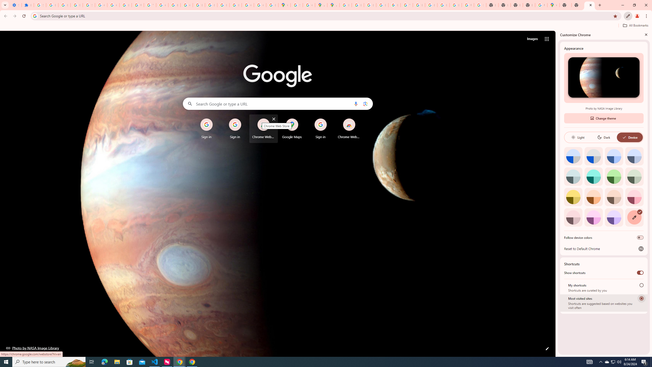 The height and width of the screenshot is (367, 652). I want to click on 'Privacy Help Center - Policies Help', so click(370, 5).